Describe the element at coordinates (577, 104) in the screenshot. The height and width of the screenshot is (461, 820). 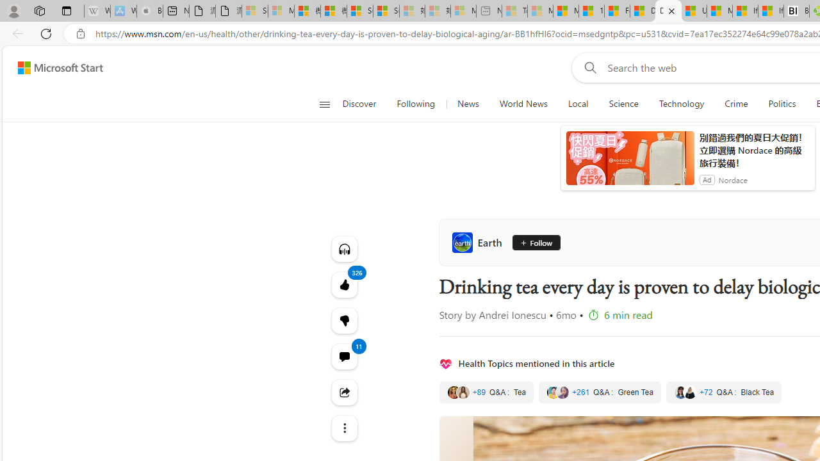
I see `'Local'` at that location.